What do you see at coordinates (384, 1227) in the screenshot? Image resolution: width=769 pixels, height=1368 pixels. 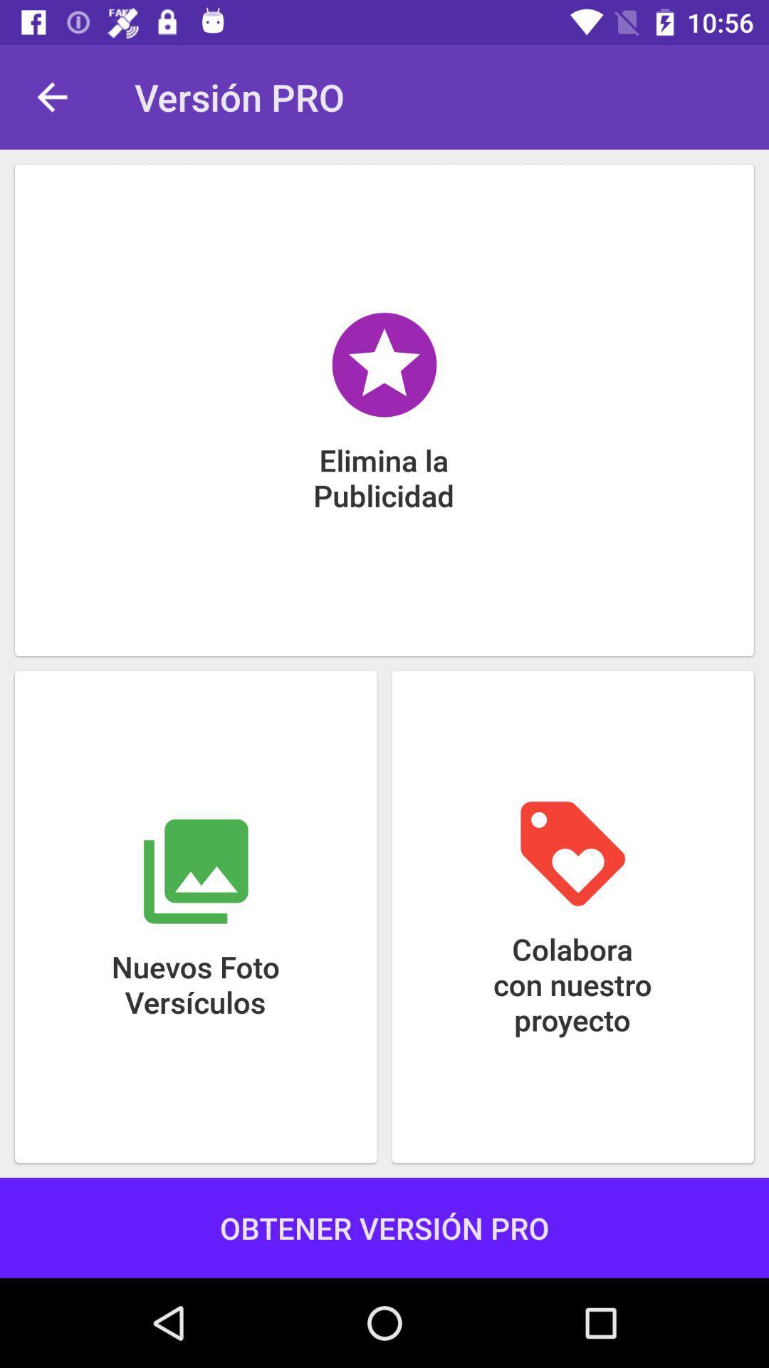 I see `the icon below the colabora con nuestro item` at bounding box center [384, 1227].